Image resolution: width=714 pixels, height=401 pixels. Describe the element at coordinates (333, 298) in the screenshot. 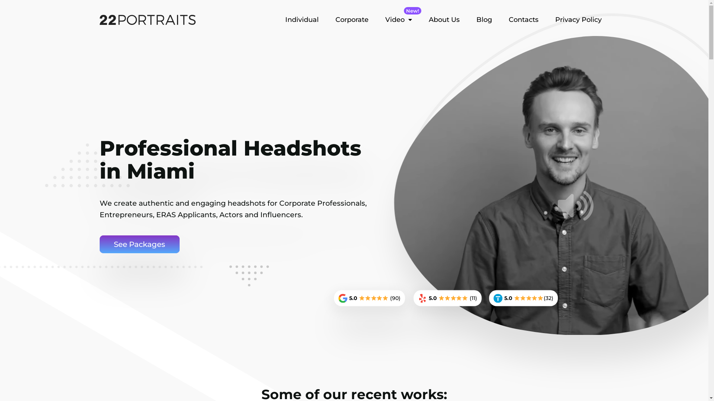

I see `'5.0 (90)'` at that location.